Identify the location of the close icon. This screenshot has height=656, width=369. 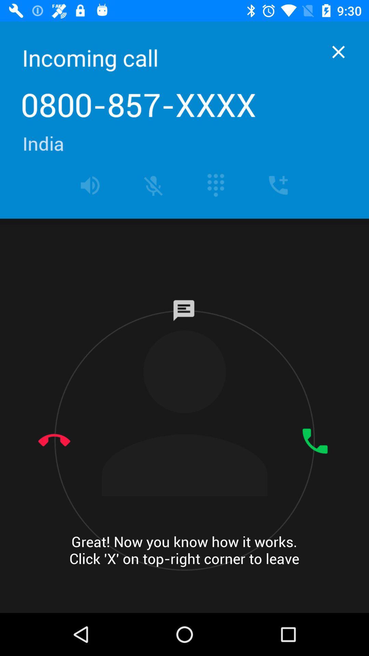
(338, 52).